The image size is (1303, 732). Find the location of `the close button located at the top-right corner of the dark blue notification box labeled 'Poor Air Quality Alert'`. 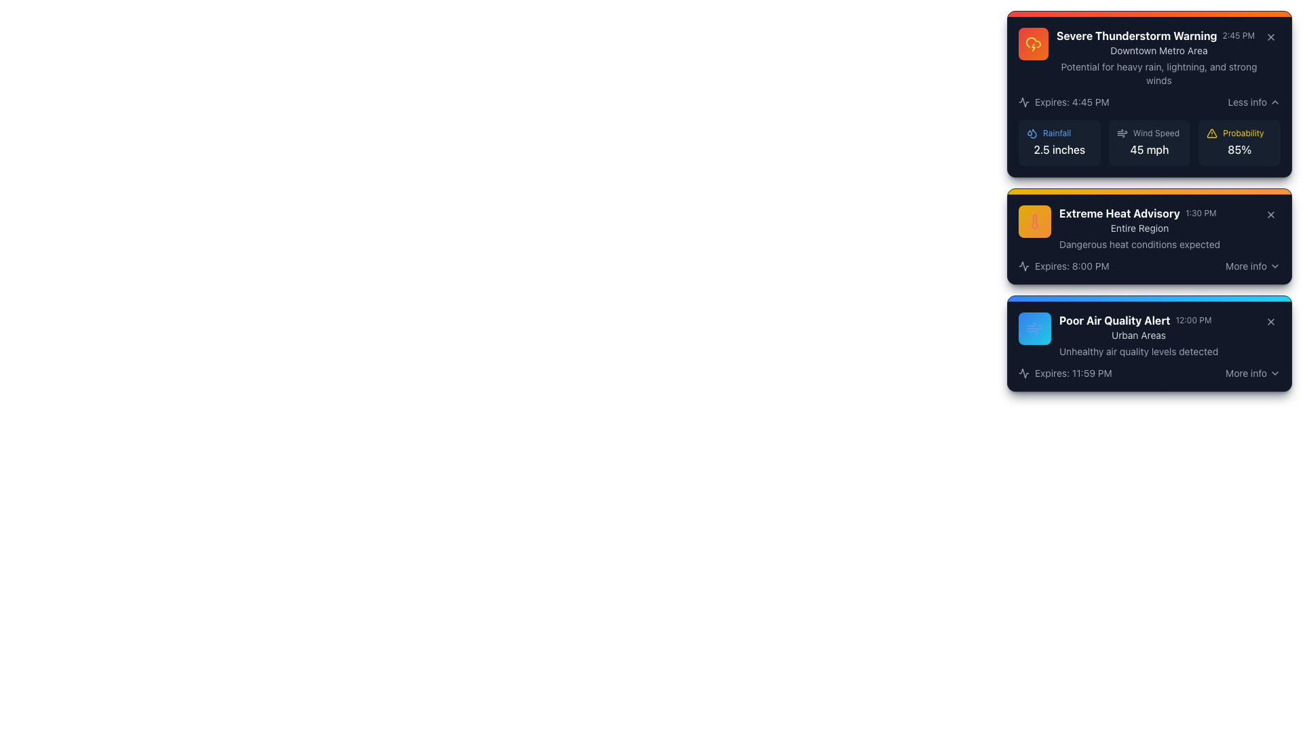

the close button located at the top-right corner of the dark blue notification box labeled 'Poor Air Quality Alert' is located at coordinates (1270, 321).